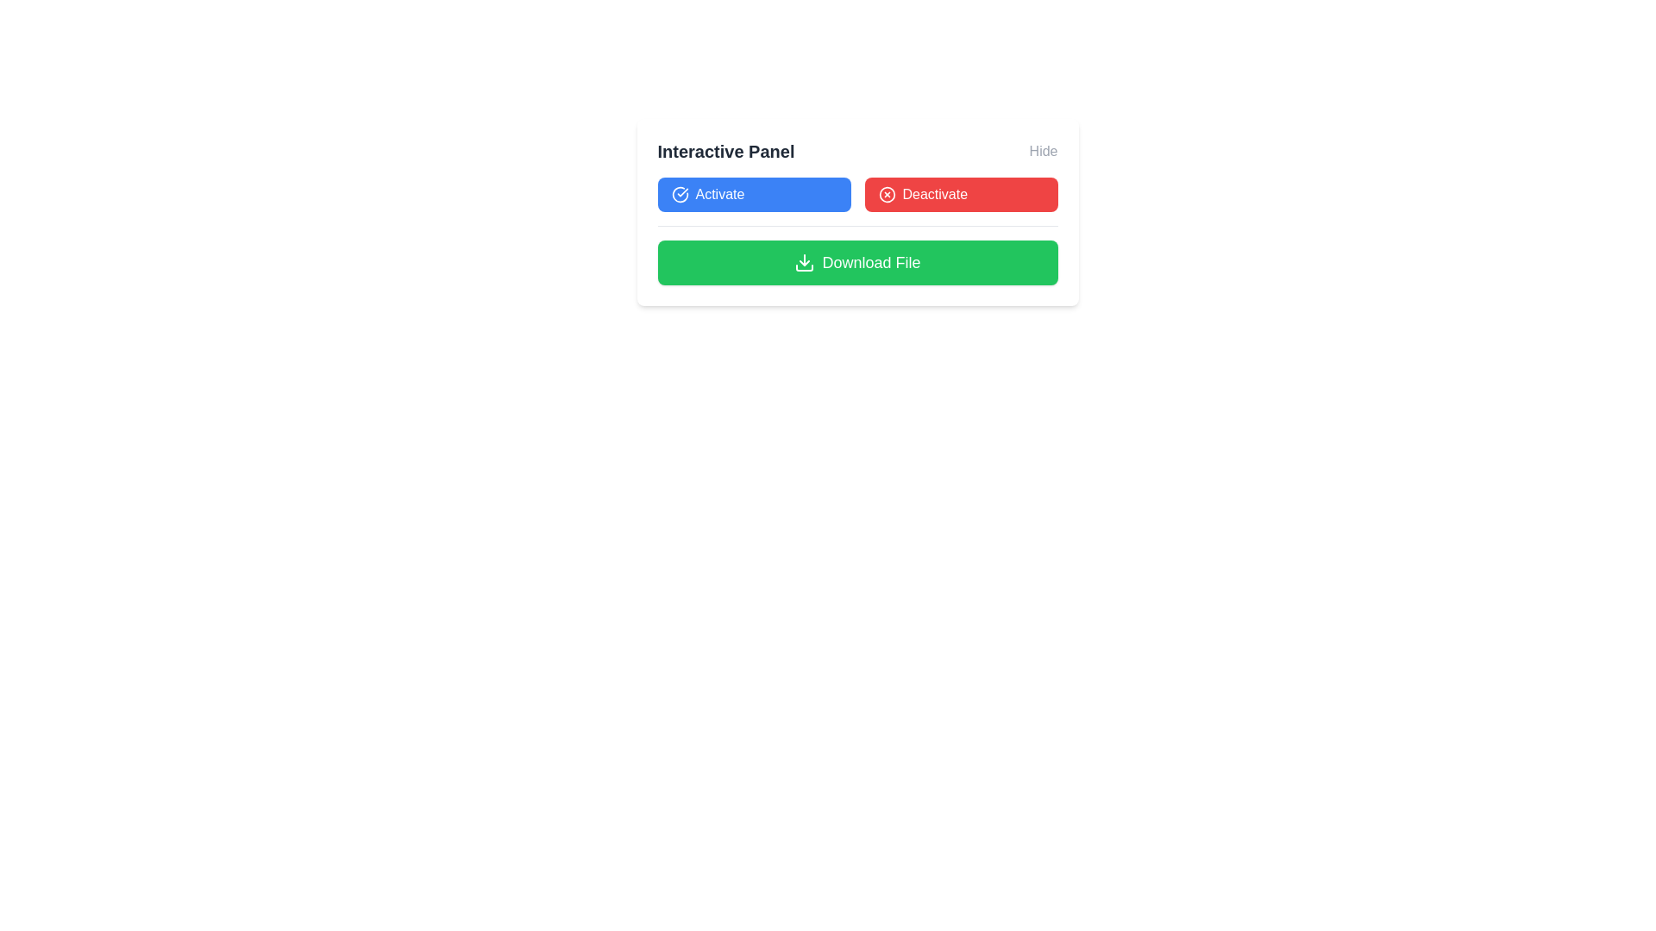 The height and width of the screenshot is (931, 1656). Describe the element at coordinates (804, 262) in the screenshot. I see `the download icon located at the center of the green button labeled 'Download File'` at that location.